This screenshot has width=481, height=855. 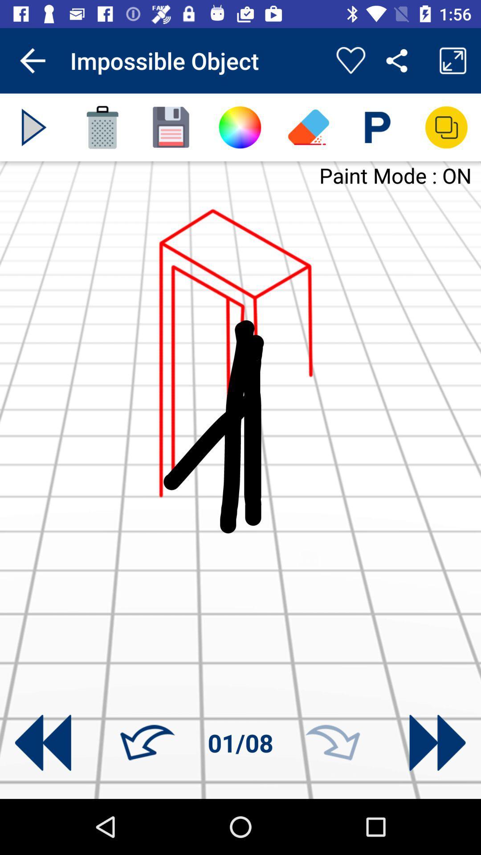 I want to click on the save icon, so click(x=377, y=127).